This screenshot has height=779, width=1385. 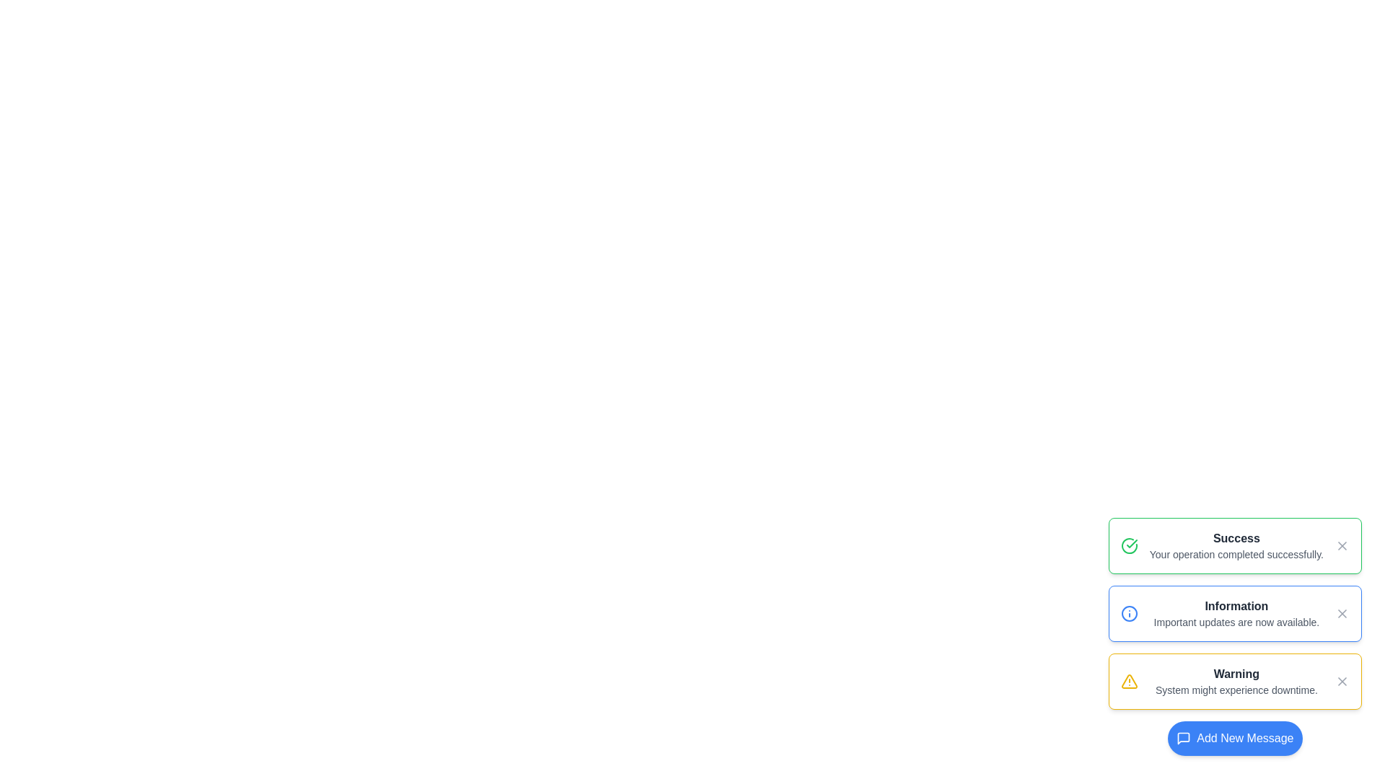 I want to click on the text block displaying 'Information' and 'Important updates are now available.' which is the second notification in the vertical list of notifications, so click(x=1236, y=614).